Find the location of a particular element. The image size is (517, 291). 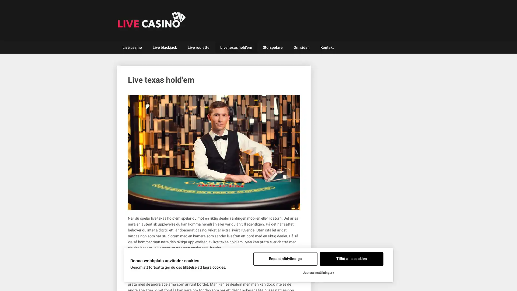

Tillat alla cookies is located at coordinates (351, 258).